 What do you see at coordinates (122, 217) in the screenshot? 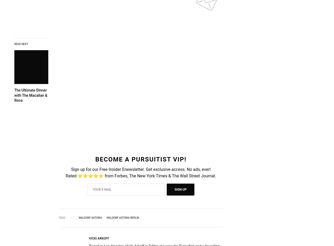
I see `'Waldorf Astoria Berlin'` at bounding box center [122, 217].